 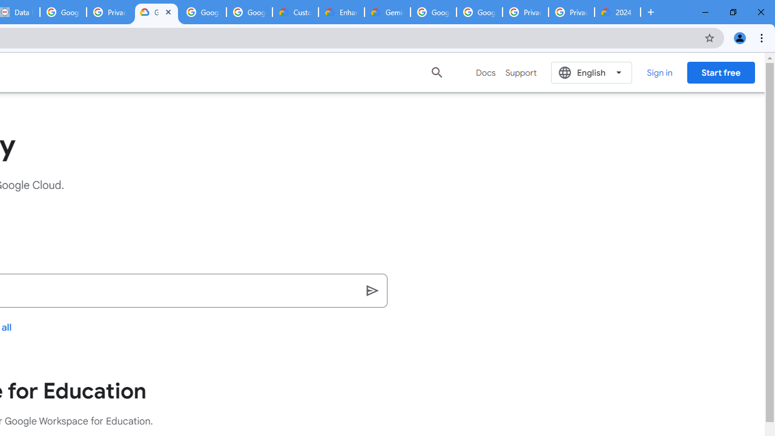 What do you see at coordinates (340, 12) in the screenshot?
I see `'Enhanced Support | Google Cloud'` at bounding box center [340, 12].